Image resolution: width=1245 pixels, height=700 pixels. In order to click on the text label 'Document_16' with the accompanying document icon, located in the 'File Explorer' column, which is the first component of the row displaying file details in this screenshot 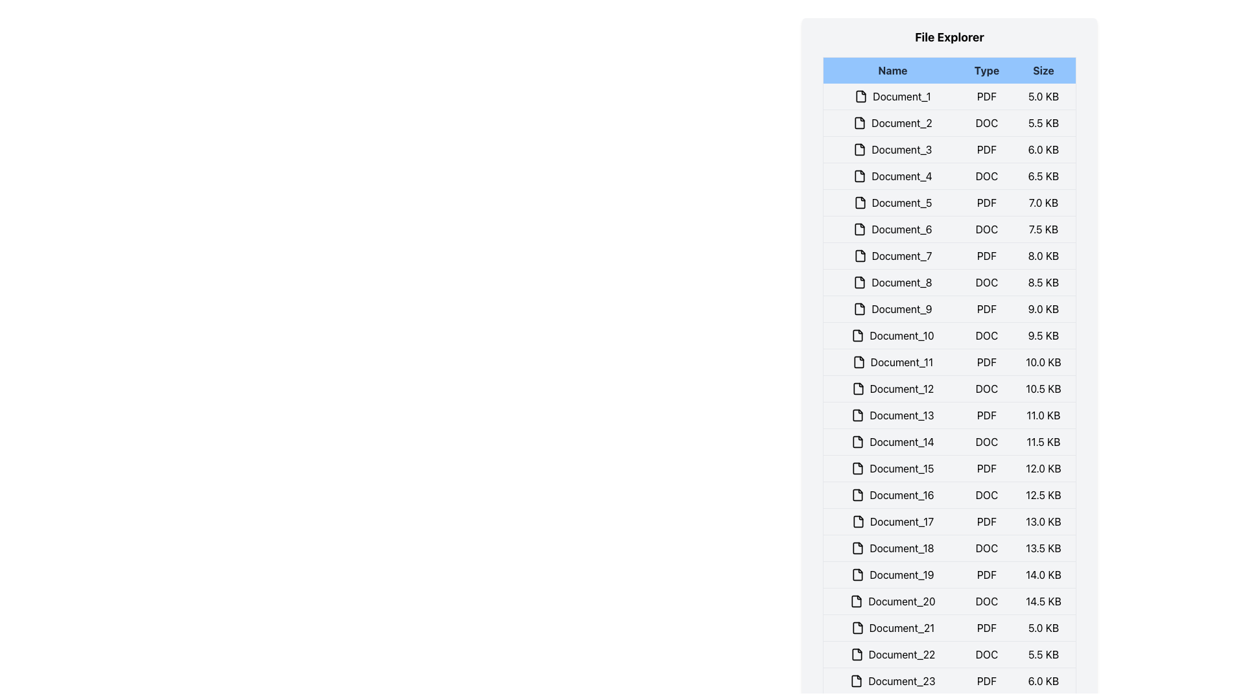, I will do `click(892, 495)`.